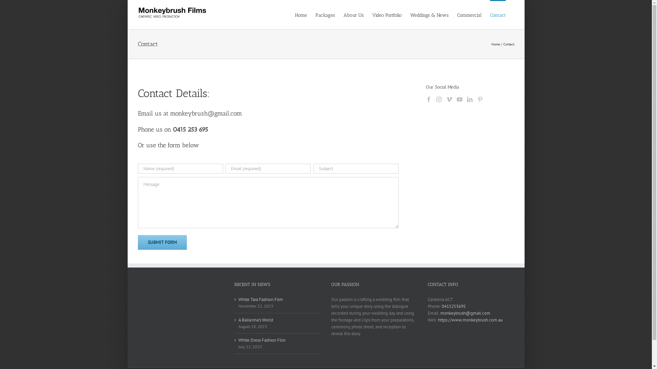 The width and height of the screenshot is (657, 369). What do you see at coordinates (469, 14) in the screenshot?
I see `'Commercial'` at bounding box center [469, 14].